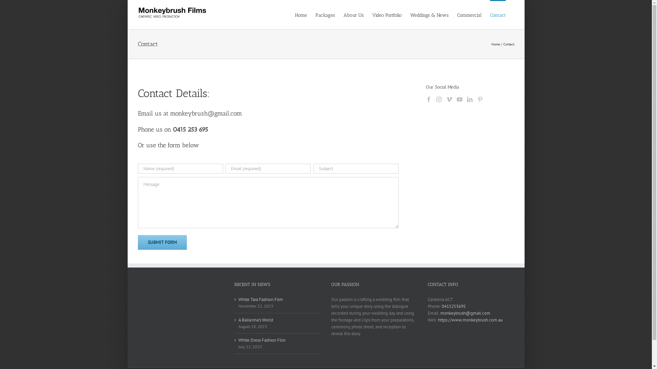 The width and height of the screenshot is (657, 369). What do you see at coordinates (469, 14) in the screenshot?
I see `'Commercial'` at bounding box center [469, 14].